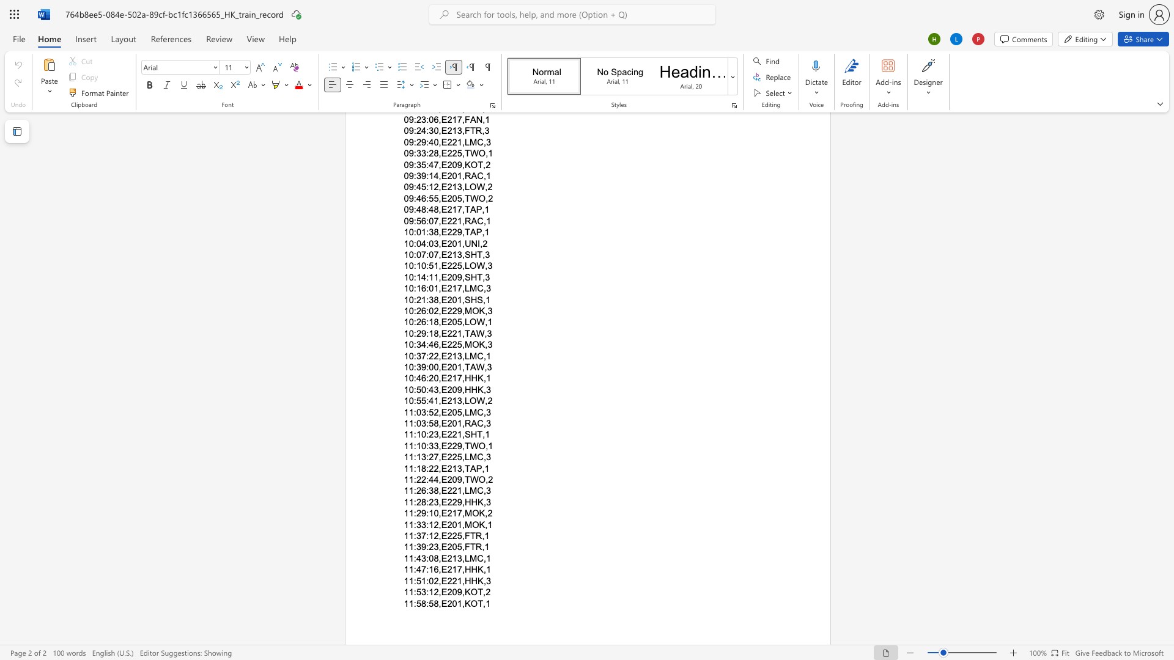  I want to click on the subset text "3,E22" within the text "11:28:23,E229,HHK,3", so click(434, 502).